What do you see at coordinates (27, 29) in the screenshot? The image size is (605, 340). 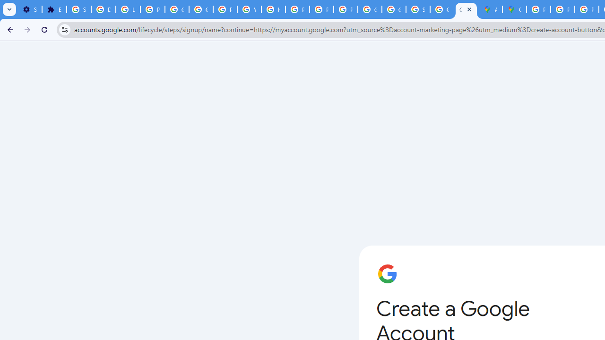 I see `'Forward'` at bounding box center [27, 29].